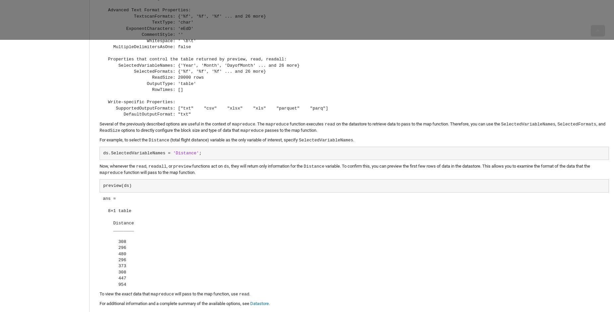  What do you see at coordinates (307, 123) in the screenshot?
I see `'function executes'` at bounding box center [307, 123].